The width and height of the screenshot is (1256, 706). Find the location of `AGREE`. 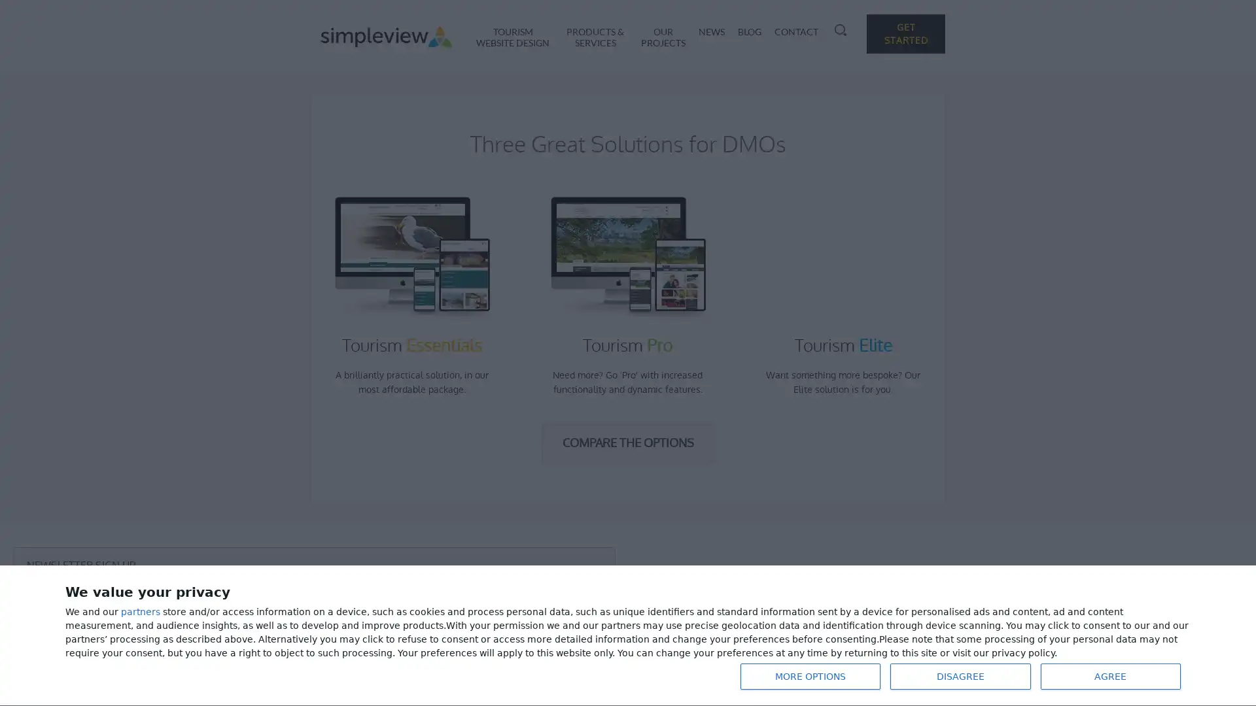

AGREE is located at coordinates (1109, 676).